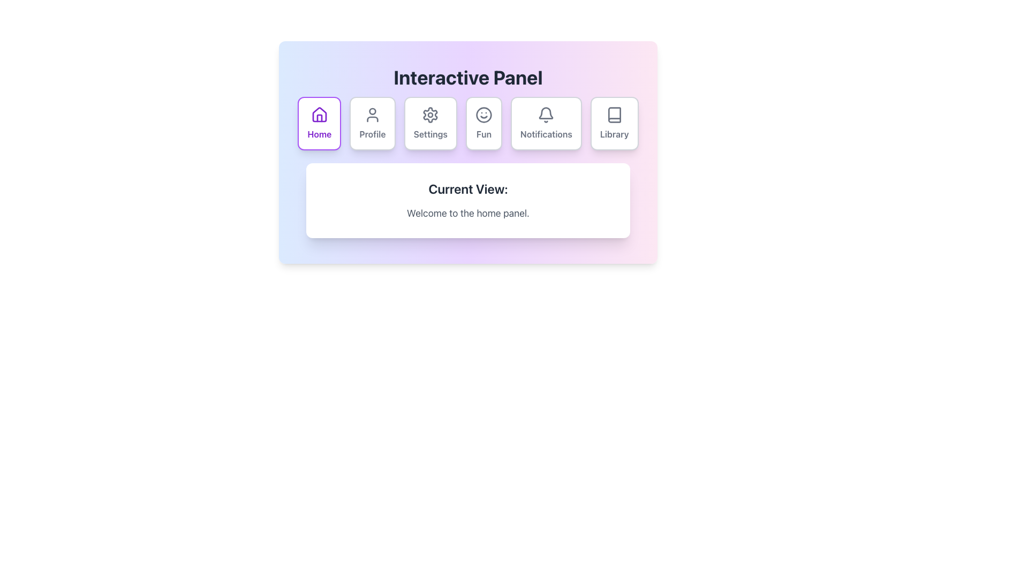  Describe the element at coordinates (430, 133) in the screenshot. I see `the 'Settings' text label located in the top row of the interactive panel, which is styled in gray and is the third button from the left under a configuration icon` at that location.